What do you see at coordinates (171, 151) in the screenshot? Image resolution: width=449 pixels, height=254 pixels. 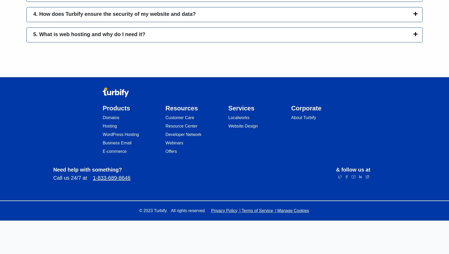 I see `'Offers'` at bounding box center [171, 151].